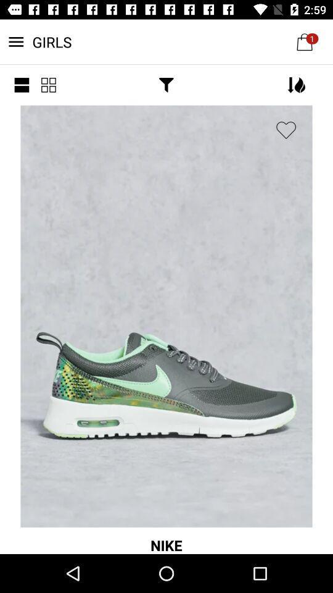  I want to click on the item to the left of the girls item, so click(22, 84).